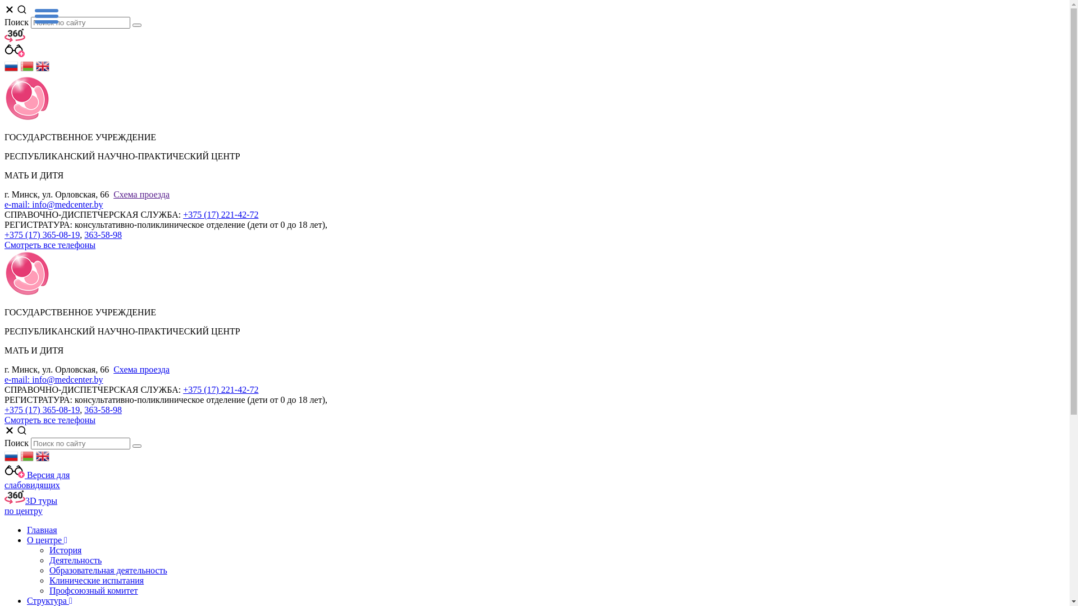  What do you see at coordinates (4, 70) in the screenshot?
I see `'Russian'` at bounding box center [4, 70].